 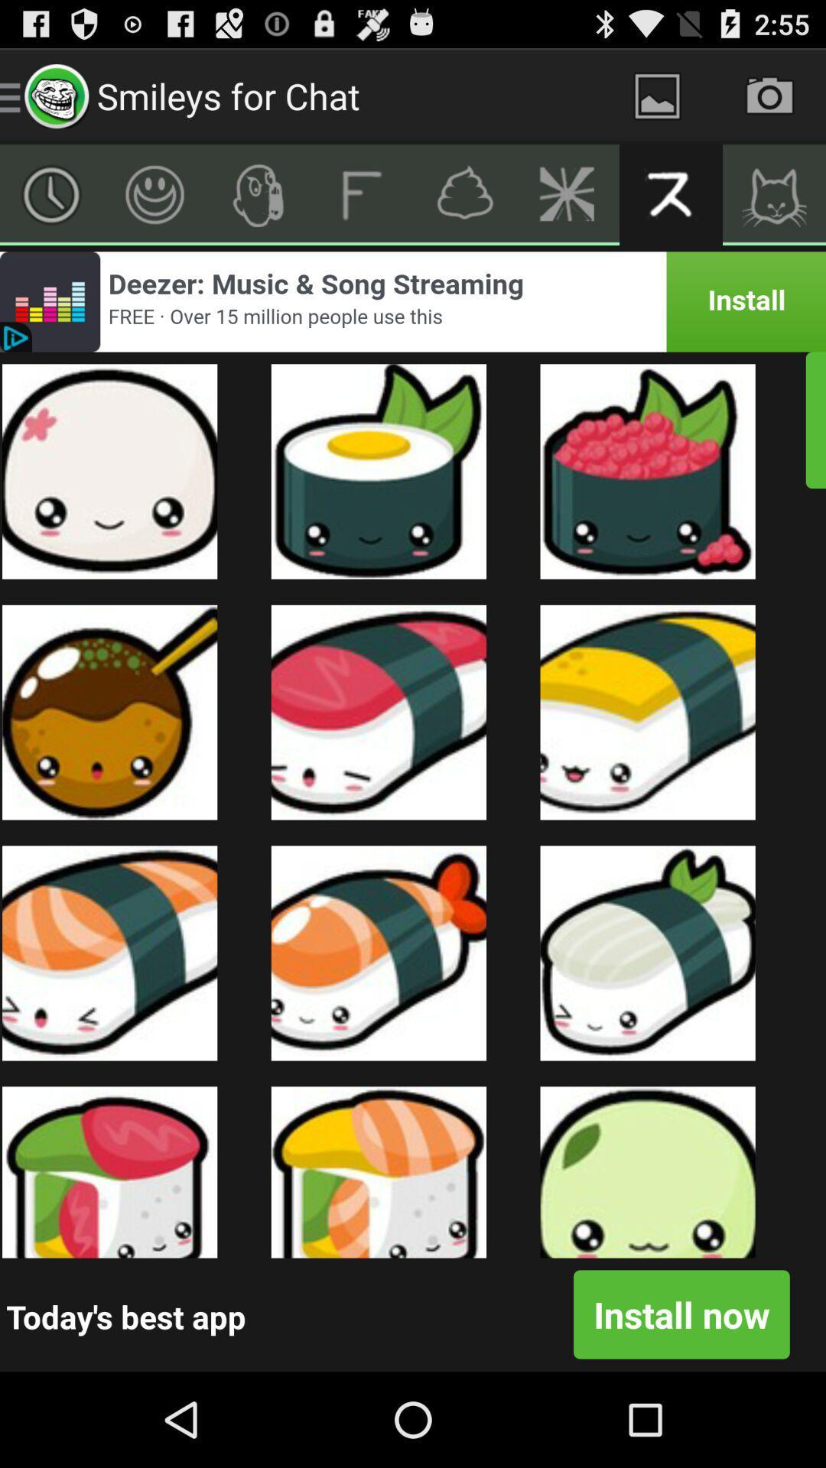 I want to click on choose clock option, so click(x=50, y=193).